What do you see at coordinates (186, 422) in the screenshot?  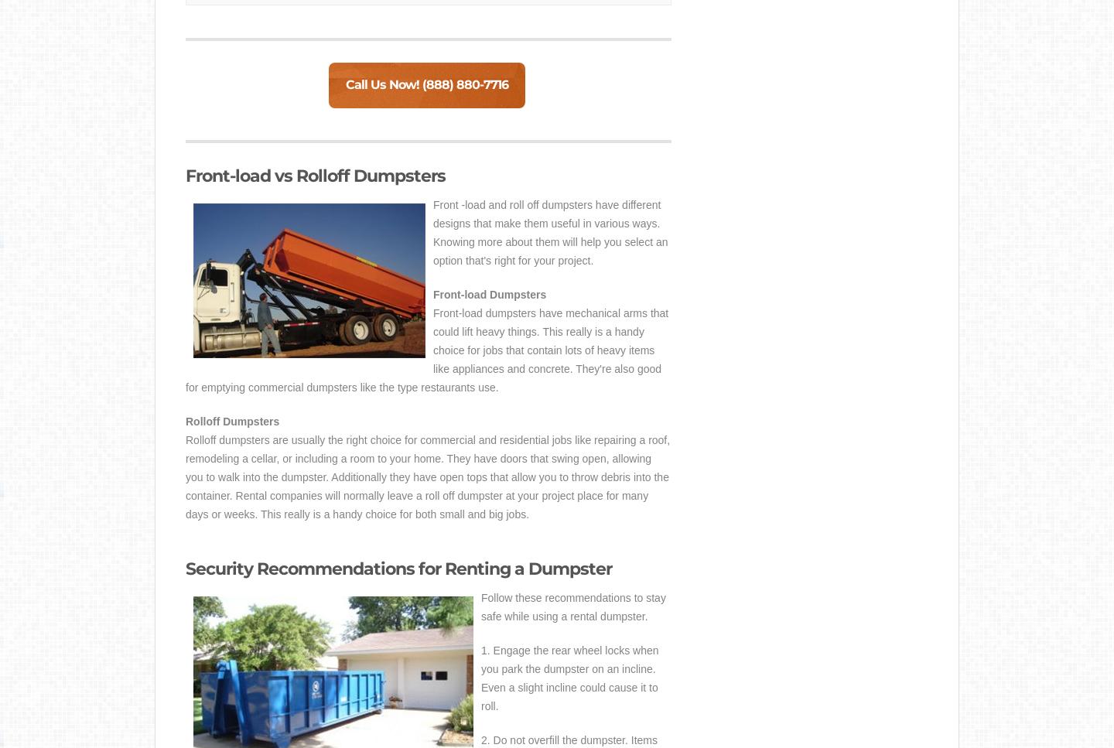 I see `'Rolloff Dumpsters'` at bounding box center [186, 422].